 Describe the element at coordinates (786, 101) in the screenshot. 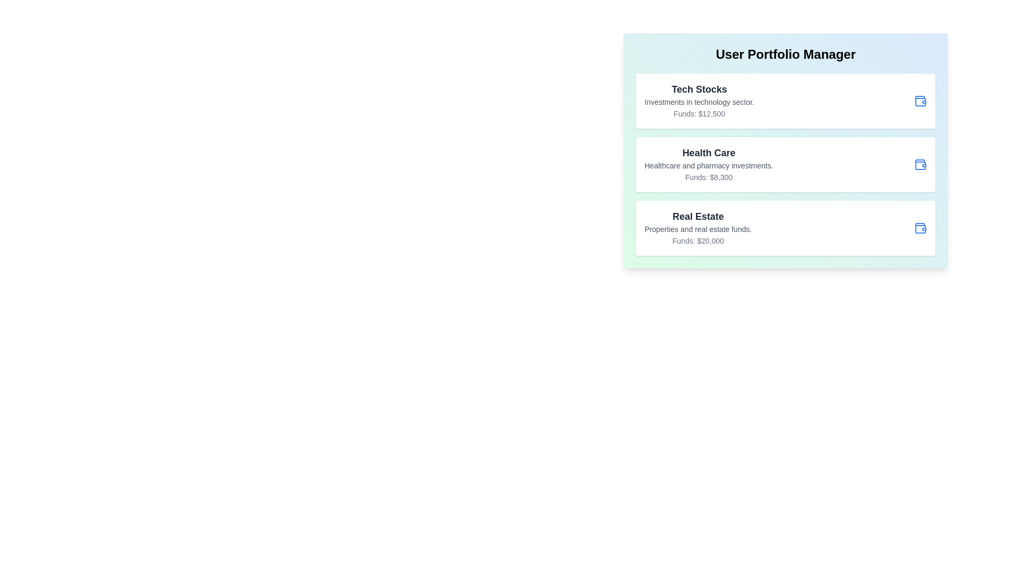

I see `the portfolio item labeled Tech Stocks` at that location.